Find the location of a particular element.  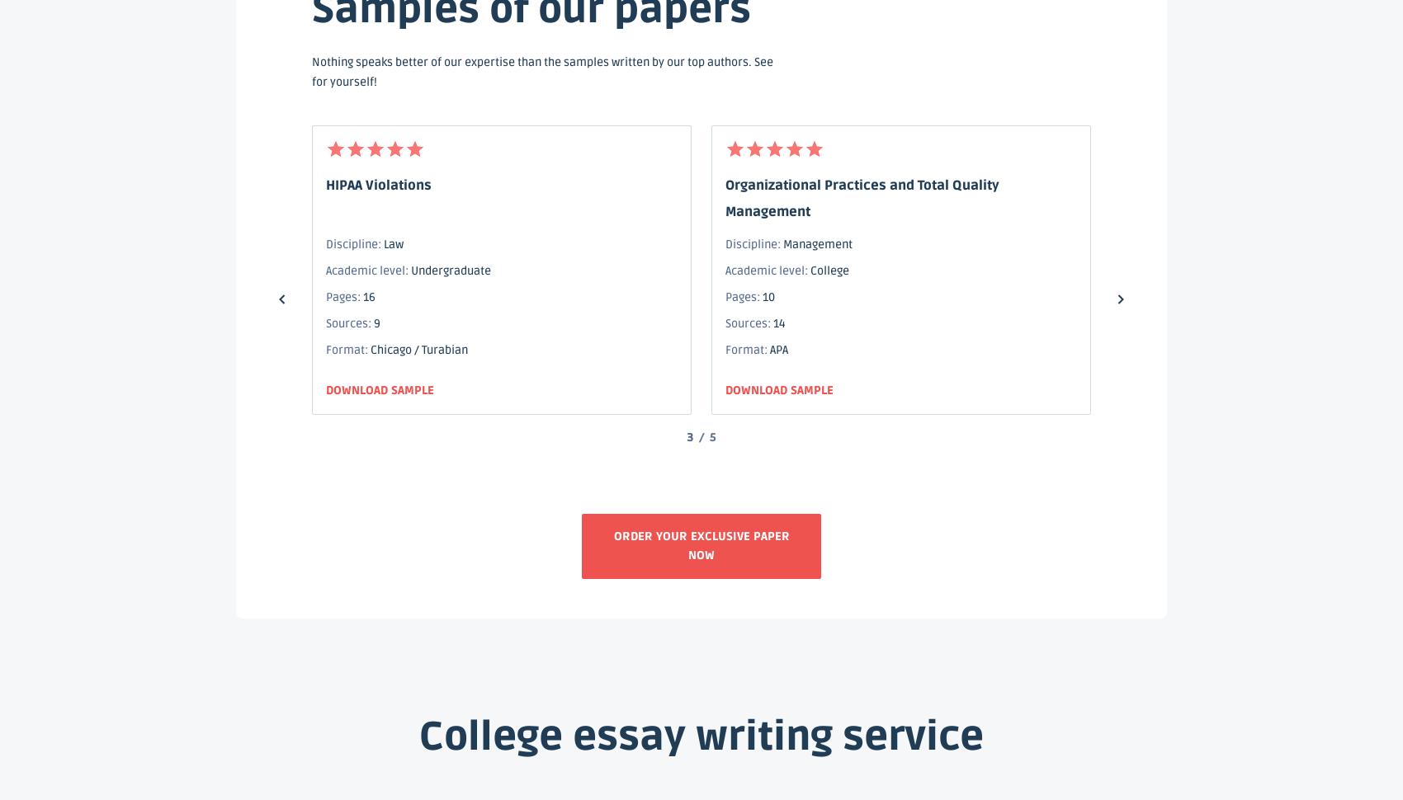

'14' is located at coordinates (773, 322).